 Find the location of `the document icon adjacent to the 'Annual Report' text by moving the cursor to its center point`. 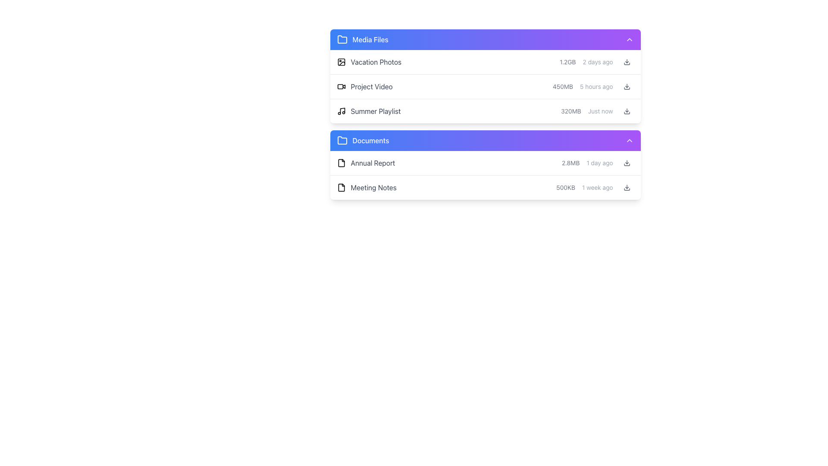

the document icon adjacent to the 'Annual Report' text by moving the cursor to its center point is located at coordinates (341, 163).